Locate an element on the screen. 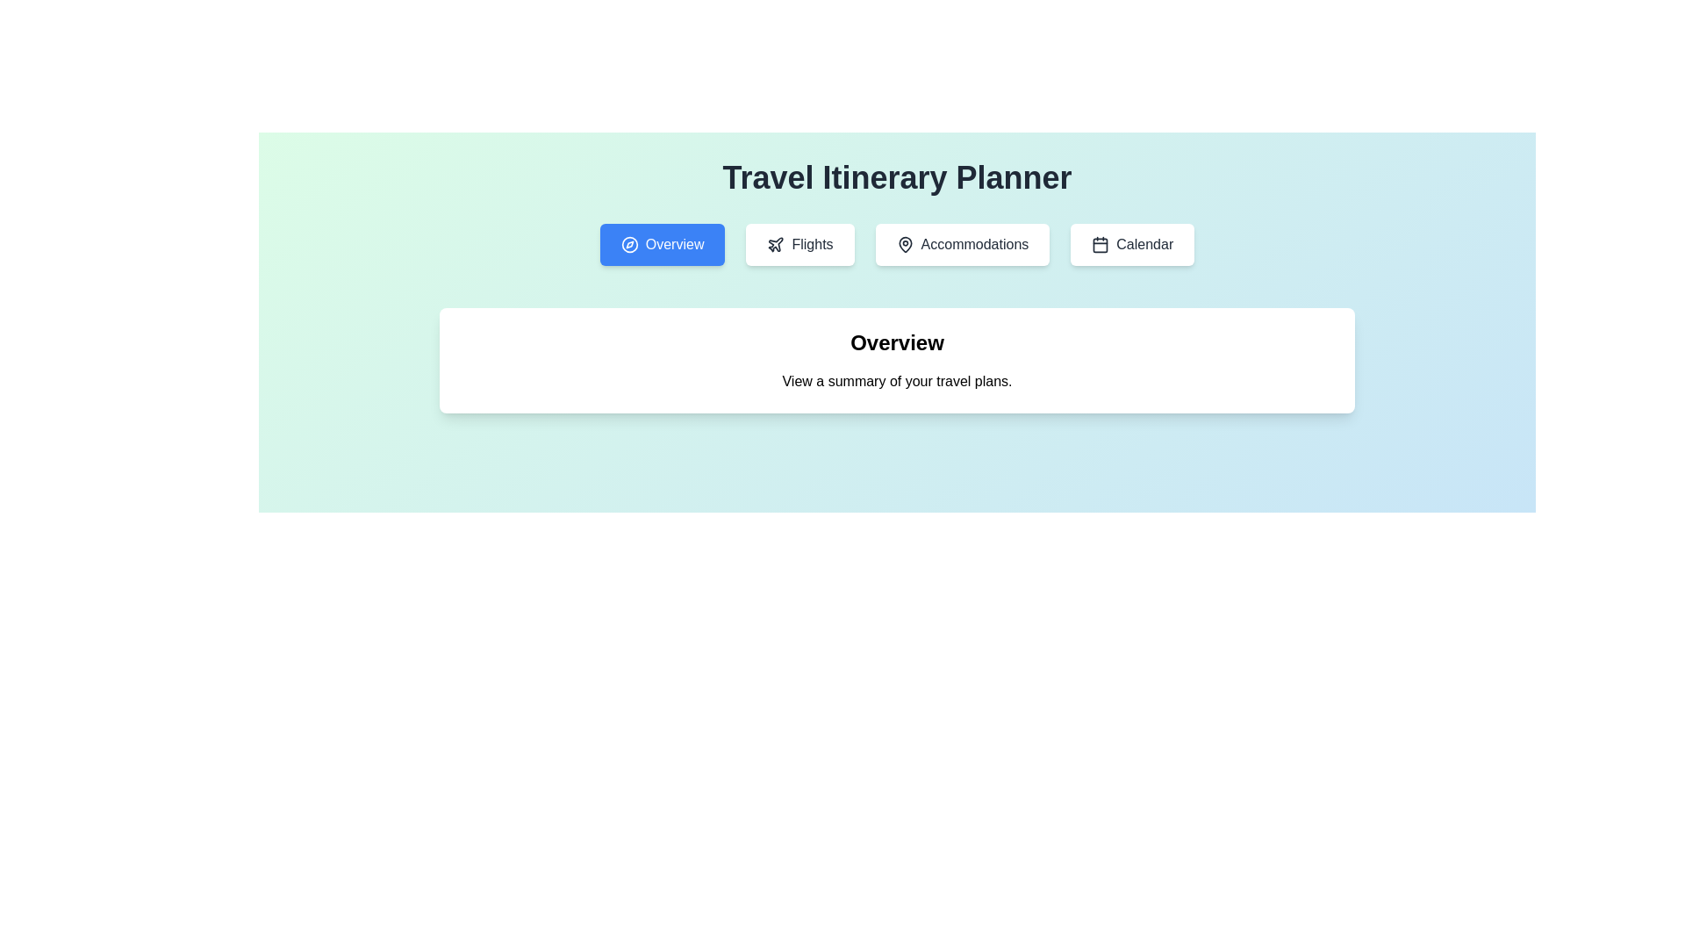  the 'Flights' navigation button located beneath the 'Travel Itinerary Planner' heading to observe a scaling effect is located at coordinates (799, 244).